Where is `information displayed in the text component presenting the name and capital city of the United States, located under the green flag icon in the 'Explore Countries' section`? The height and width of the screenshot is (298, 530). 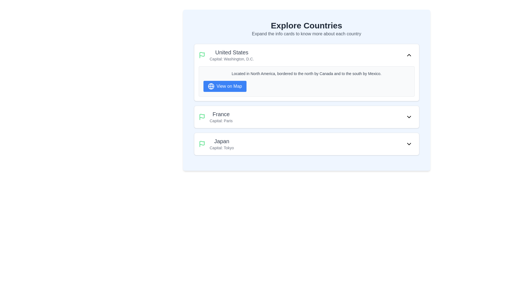 information displayed in the text component presenting the name and capital city of the United States, located under the green flag icon in the 'Explore Countries' section is located at coordinates (232, 55).